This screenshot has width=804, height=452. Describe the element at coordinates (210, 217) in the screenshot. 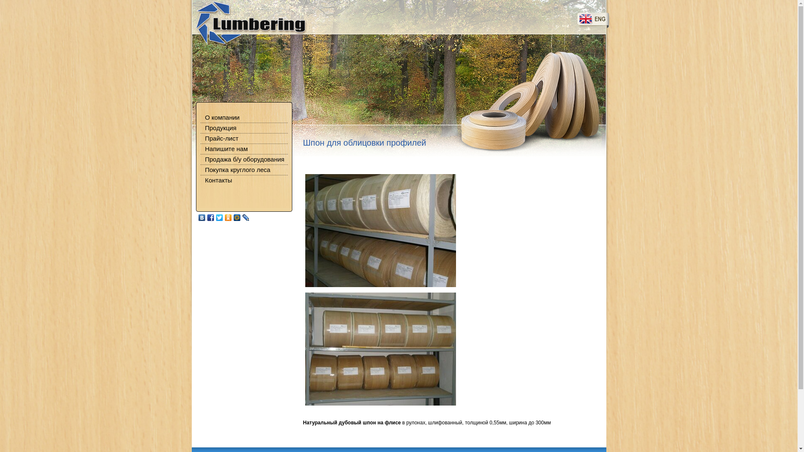

I see `'Facebook'` at that location.